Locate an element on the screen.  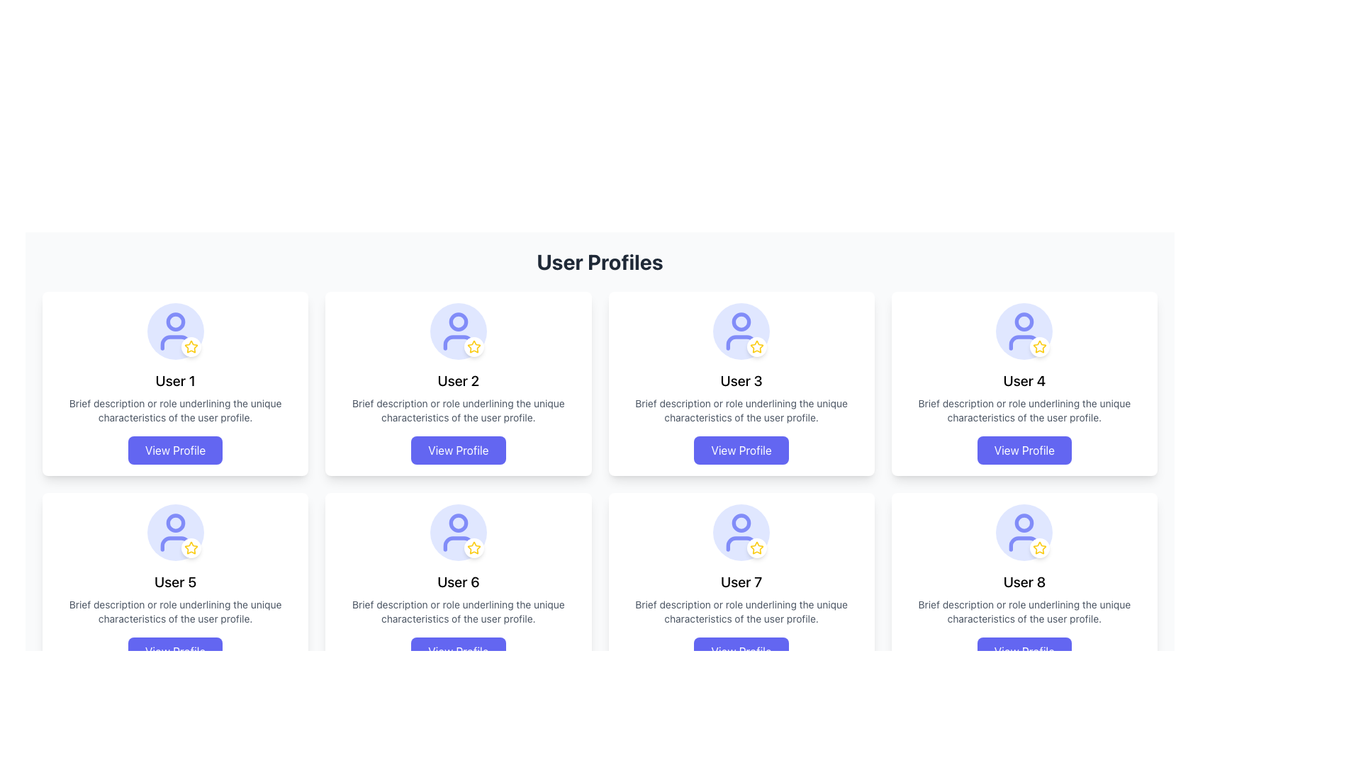
the profile picture of 'User 6' with a badge overlay, located at the top center of the user card in the second row and third column of the grid layout is located at coordinates (458, 533).